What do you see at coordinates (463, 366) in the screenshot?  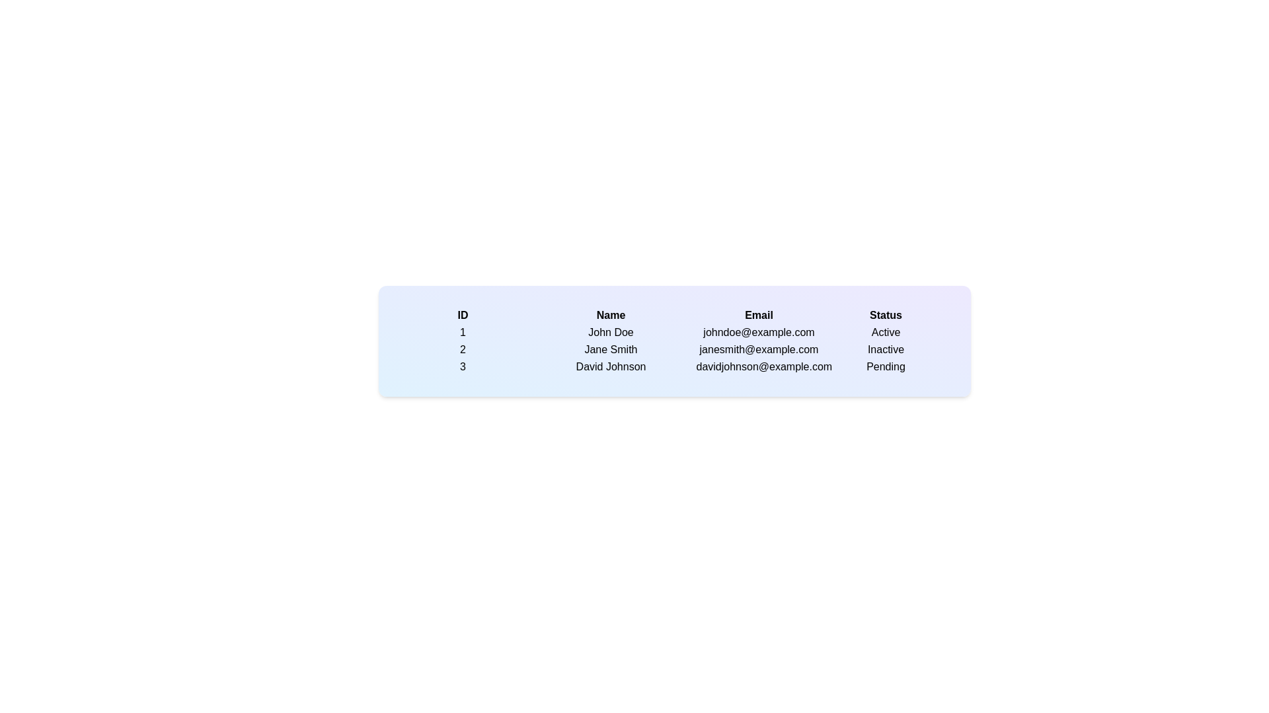 I see `the row corresponding to user 3` at bounding box center [463, 366].